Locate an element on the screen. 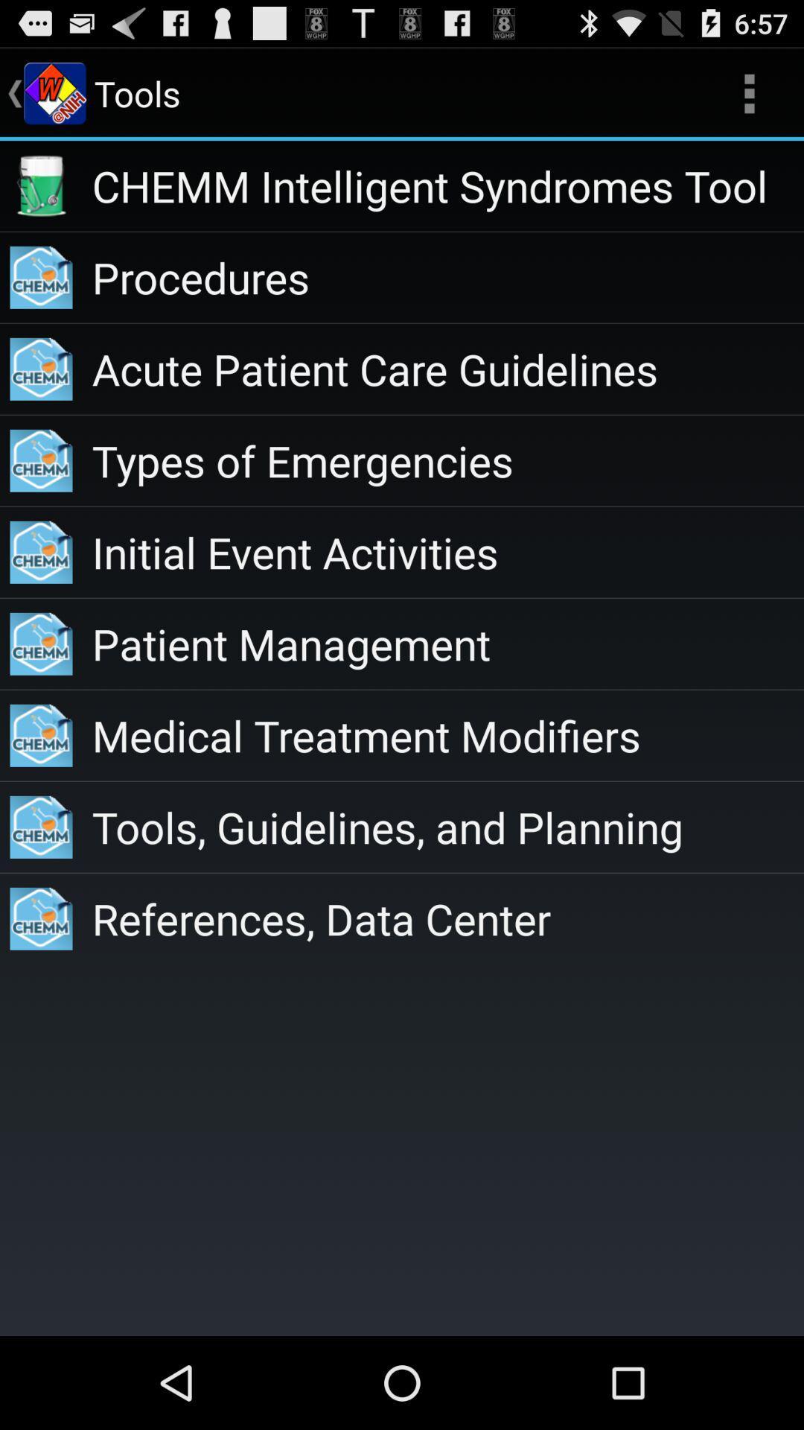 Image resolution: width=804 pixels, height=1430 pixels. the item below the acute patient care app is located at coordinates (447, 460).